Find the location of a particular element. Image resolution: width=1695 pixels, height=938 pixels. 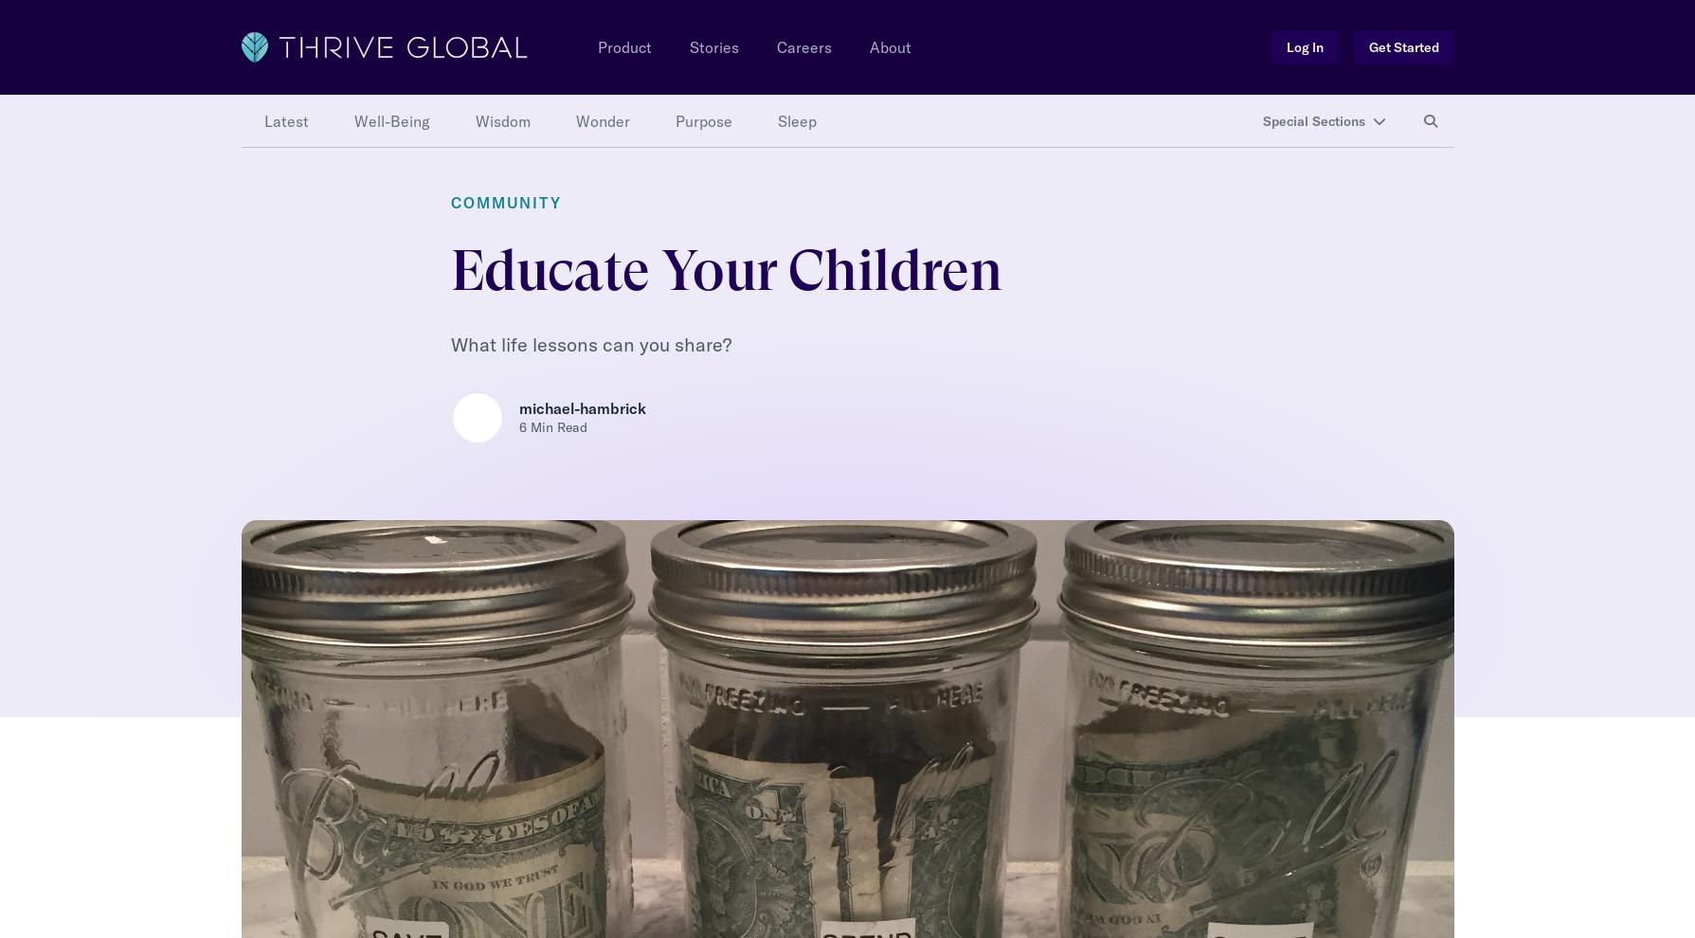

'Before we take a trip, or go to an event in town, we’ll count the money in “spend”, should he want to purchase something. Instead of carrying the cash with him, we’ll pay for the item with a credit card, and have him reimburse us out of his “spend” jar when we get home. Doing this has also allowed us to begin conversations on how credit cards work!' is located at coordinates (838, 446).